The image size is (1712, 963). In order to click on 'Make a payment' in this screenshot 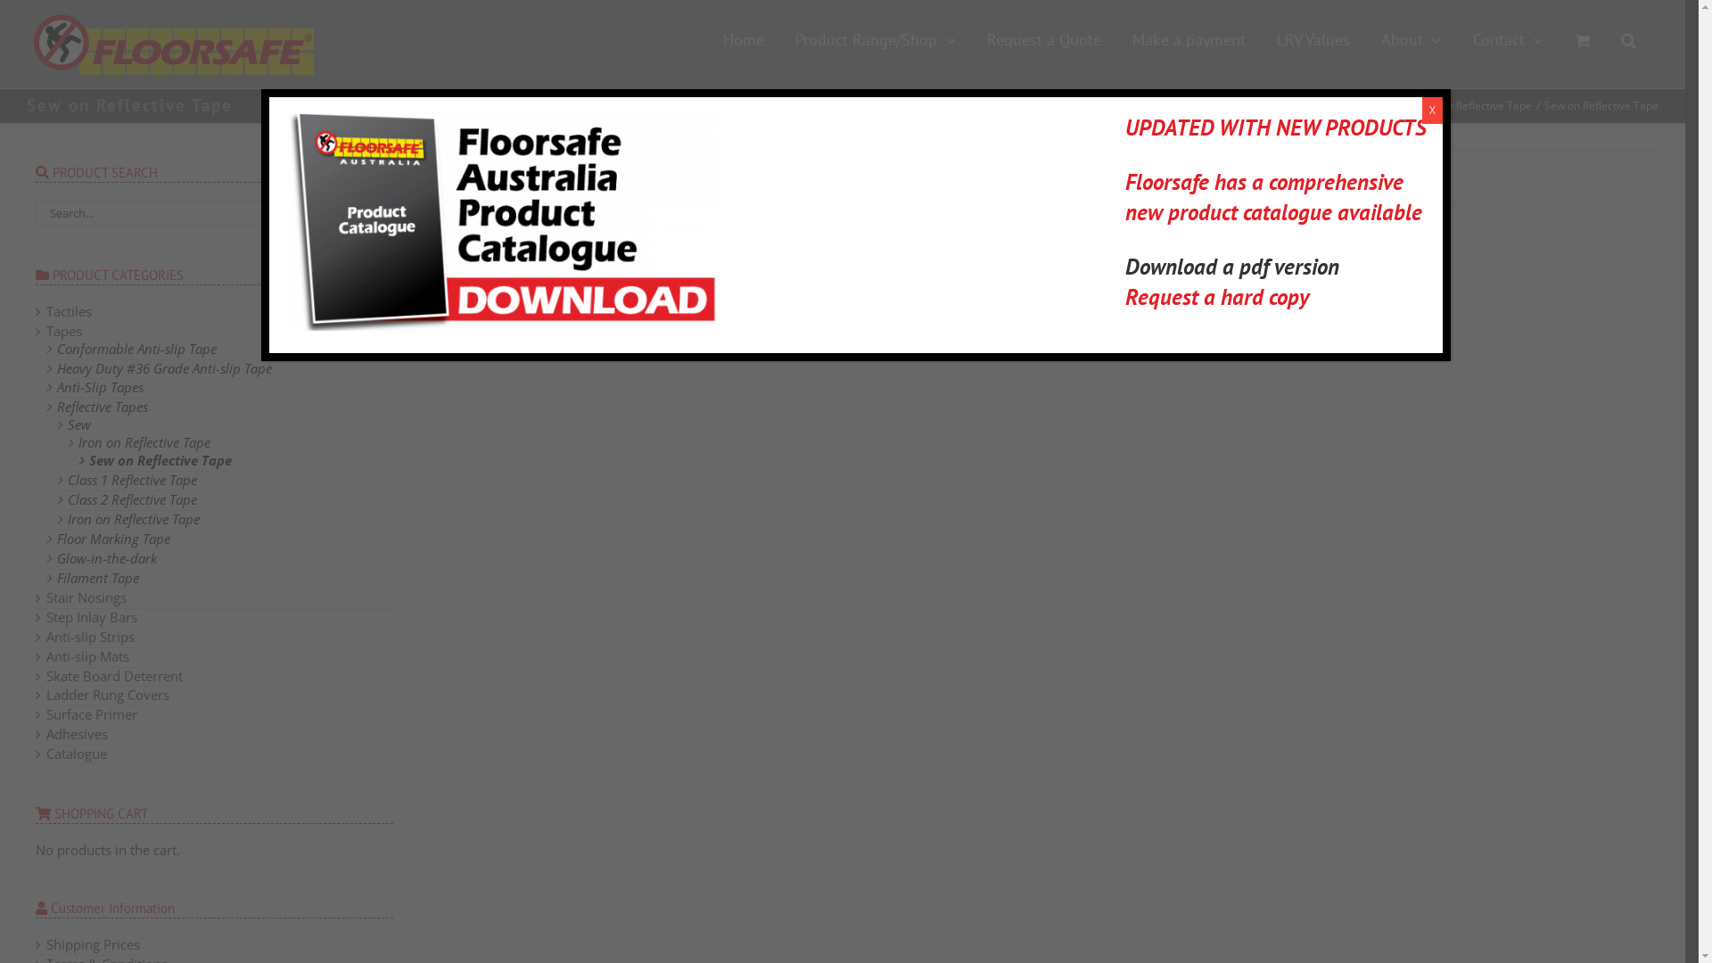, I will do `click(1189, 40)`.